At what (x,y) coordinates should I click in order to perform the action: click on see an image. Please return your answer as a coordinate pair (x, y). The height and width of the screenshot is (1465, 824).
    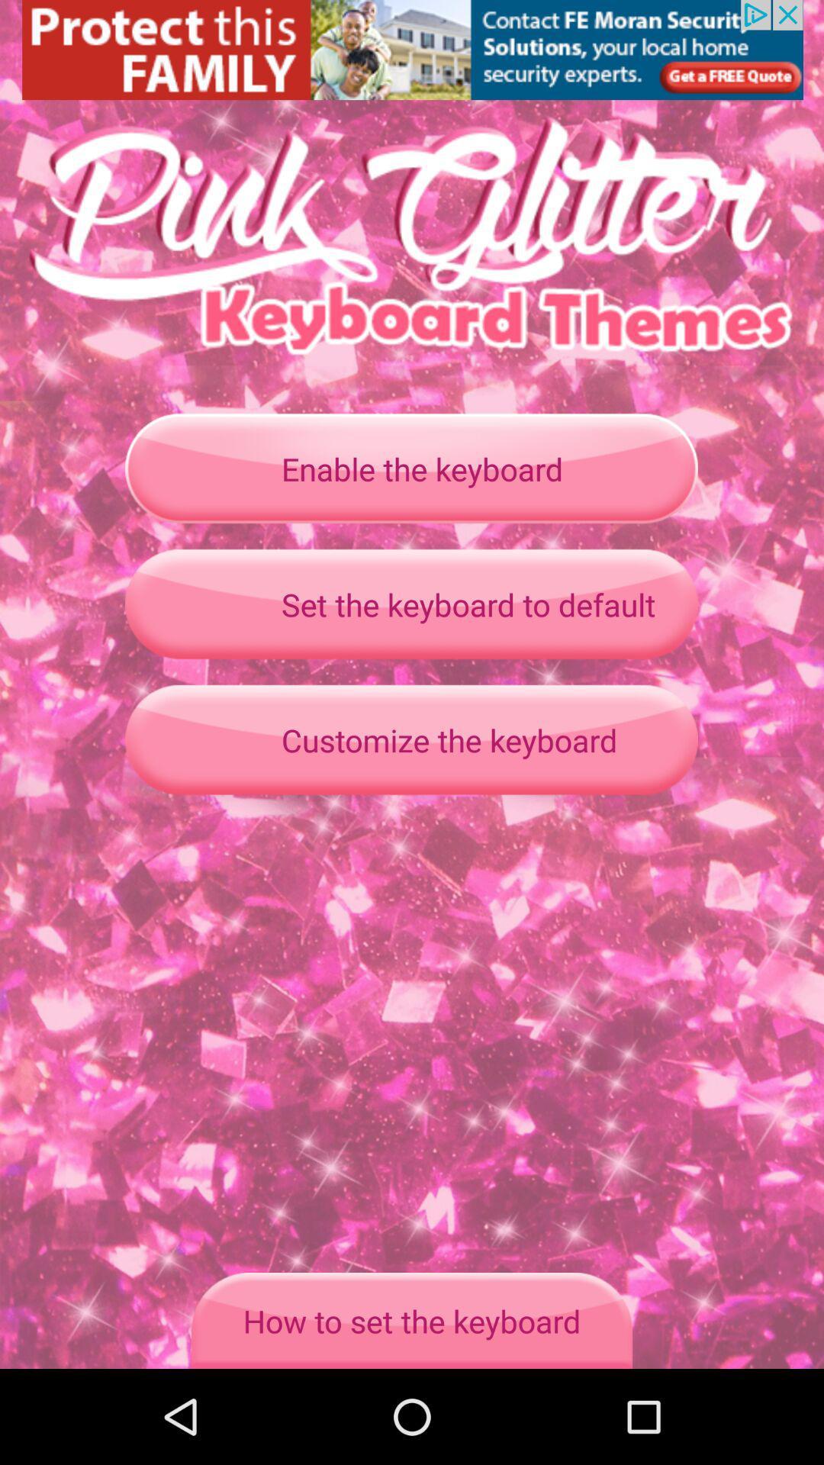
    Looking at the image, I should click on (412, 50).